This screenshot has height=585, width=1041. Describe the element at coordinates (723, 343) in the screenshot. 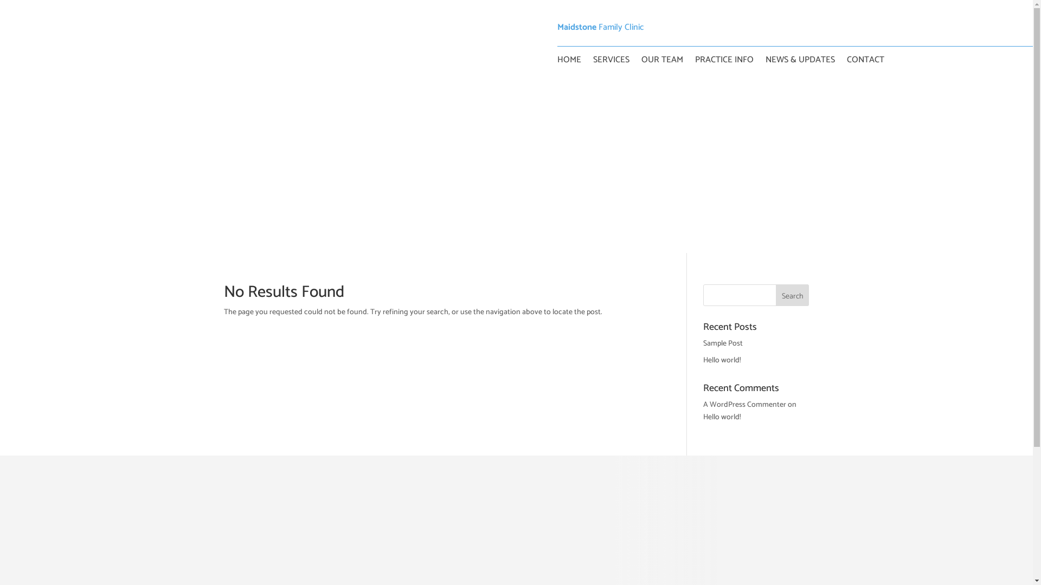

I see `'Sample Post'` at that location.